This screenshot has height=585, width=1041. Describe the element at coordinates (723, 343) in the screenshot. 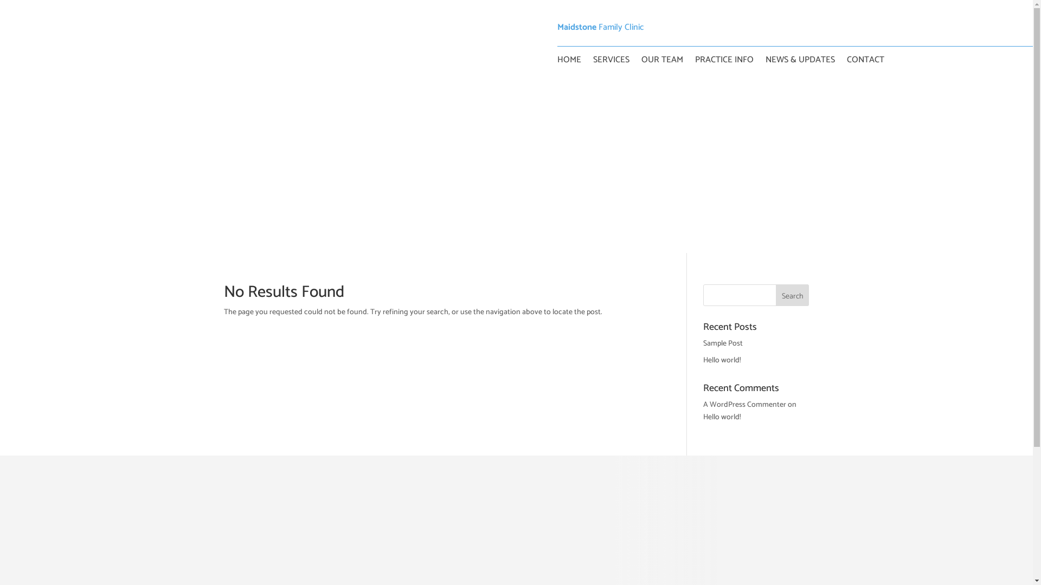

I see `'Sample Post'` at that location.